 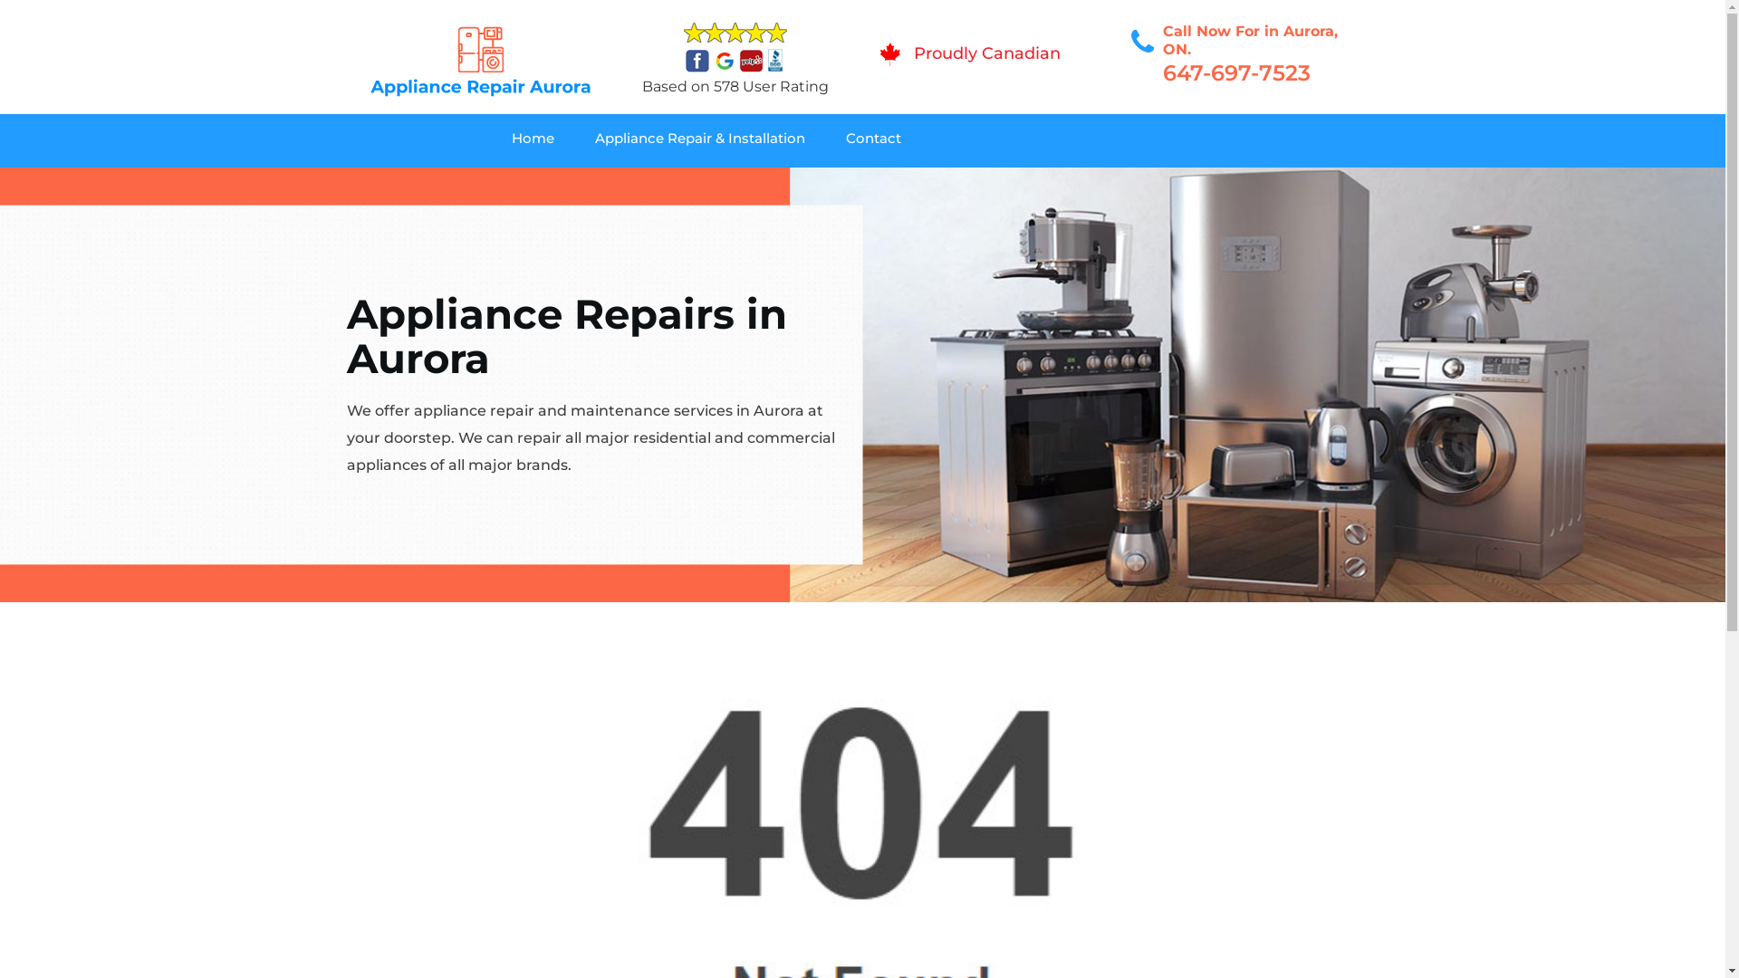 I want to click on 'Home', so click(x=552, y=139).